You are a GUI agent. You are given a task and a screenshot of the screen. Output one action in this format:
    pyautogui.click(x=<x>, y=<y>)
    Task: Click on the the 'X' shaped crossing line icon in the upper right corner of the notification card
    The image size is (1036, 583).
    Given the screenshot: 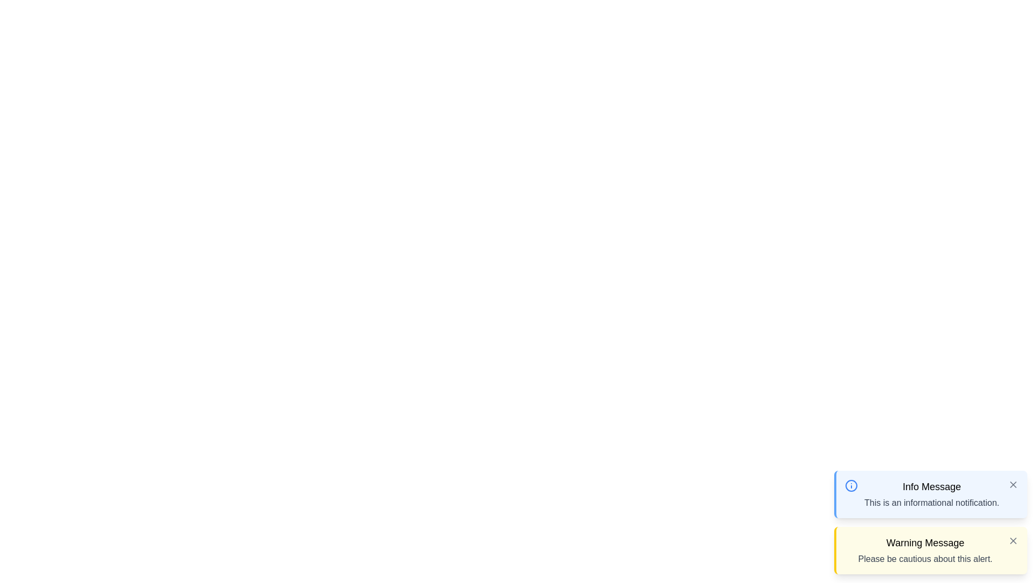 What is the action you would take?
    pyautogui.click(x=1012, y=484)
    